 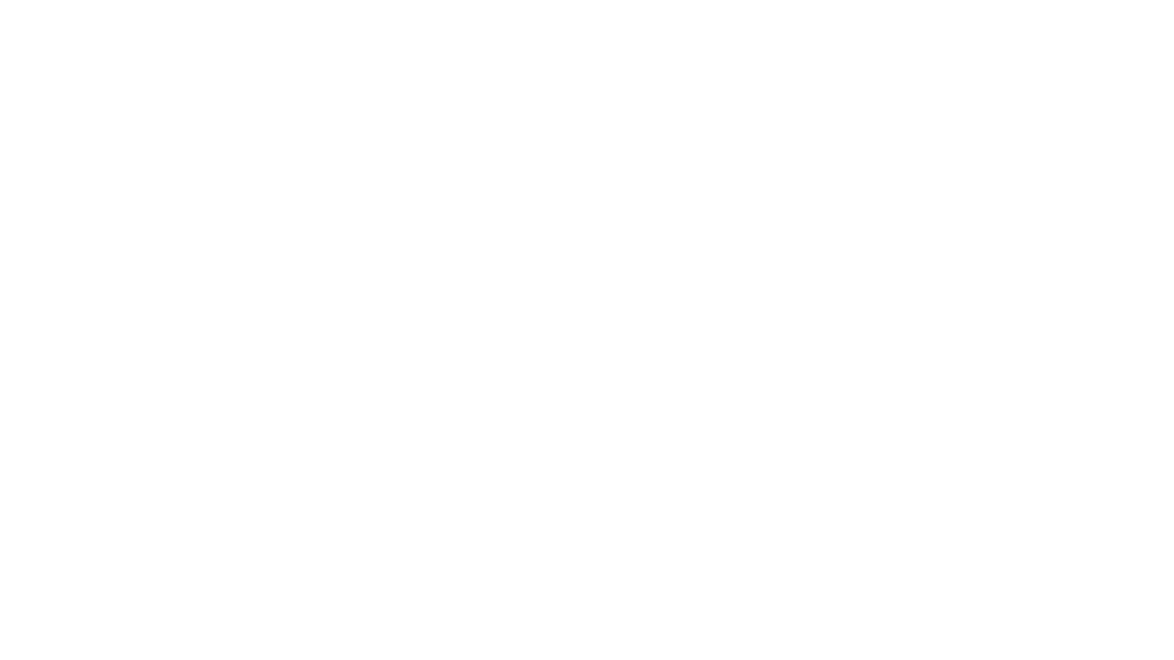 I want to click on Select 4:30 PM on Mon, Jun 27, 2022, so click(x=869, y=198).